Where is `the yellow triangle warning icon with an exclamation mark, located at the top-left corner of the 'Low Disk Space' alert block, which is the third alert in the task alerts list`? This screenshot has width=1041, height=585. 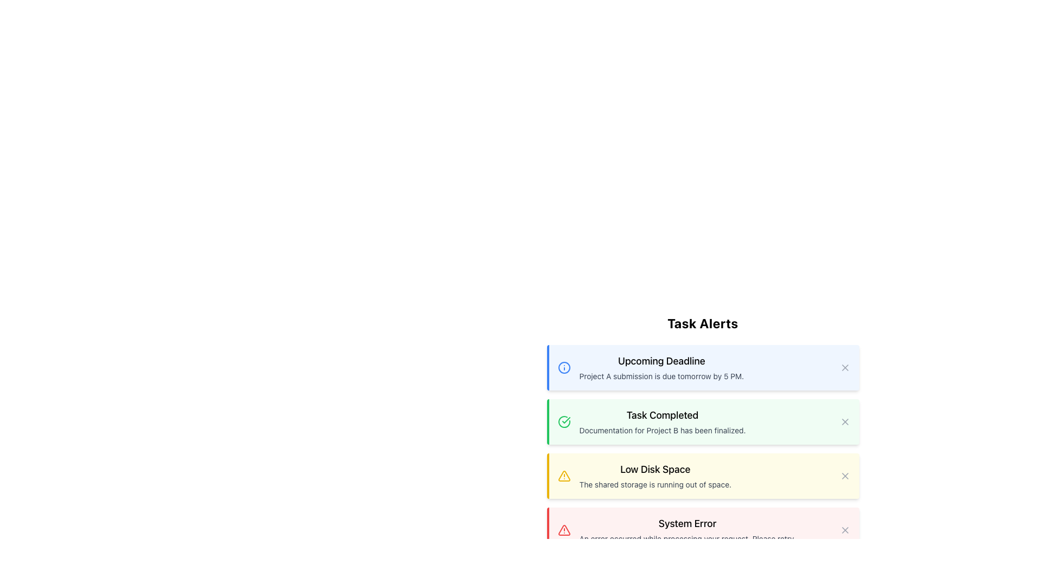
the yellow triangle warning icon with an exclamation mark, located at the top-left corner of the 'Low Disk Space' alert block, which is the third alert in the task alerts list is located at coordinates (564, 476).